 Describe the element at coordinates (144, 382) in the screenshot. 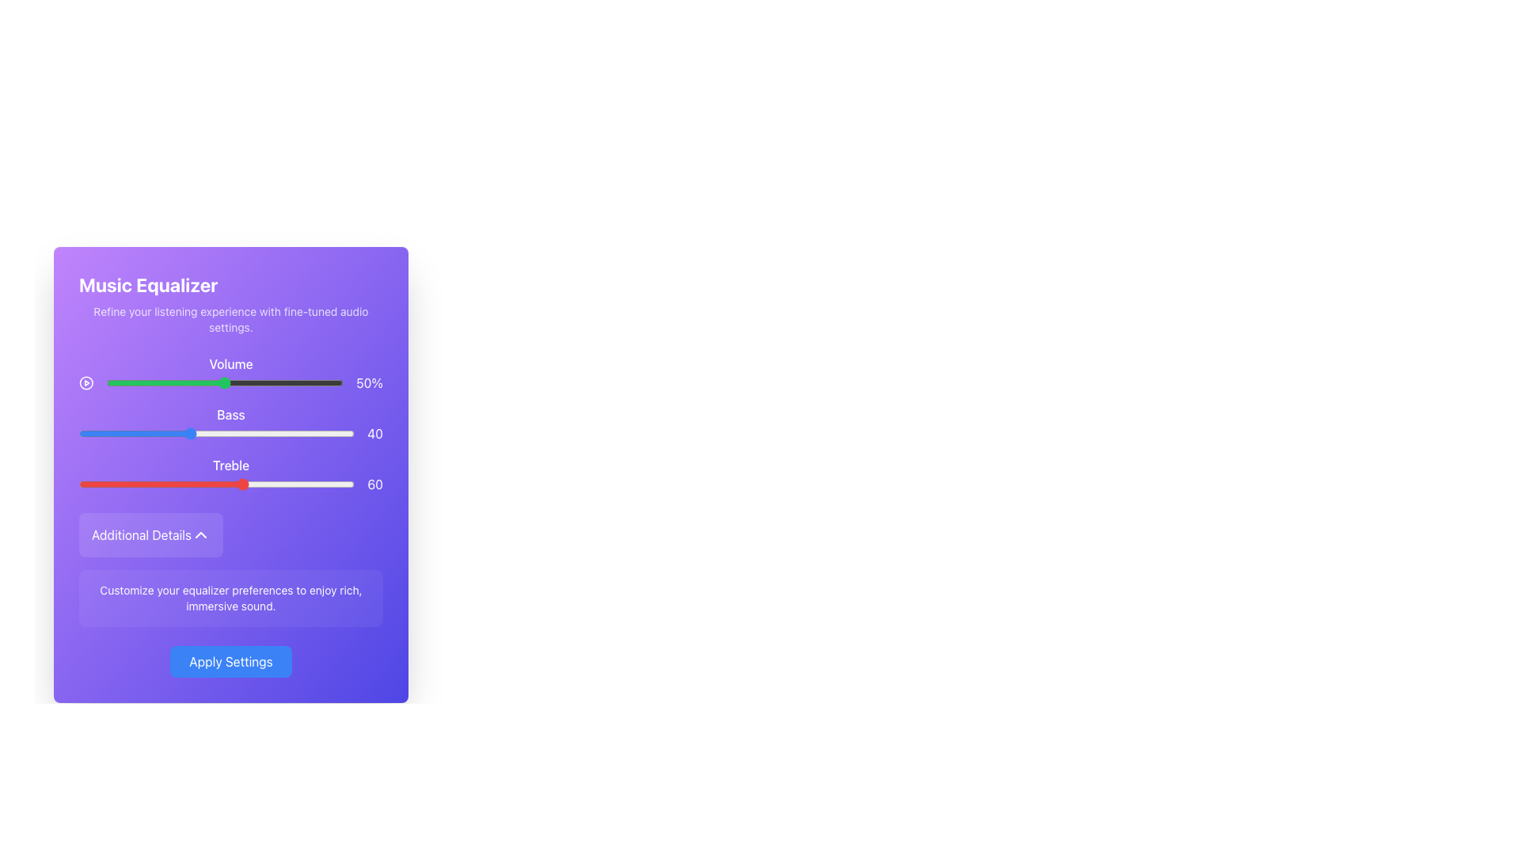

I see `the slider` at that location.